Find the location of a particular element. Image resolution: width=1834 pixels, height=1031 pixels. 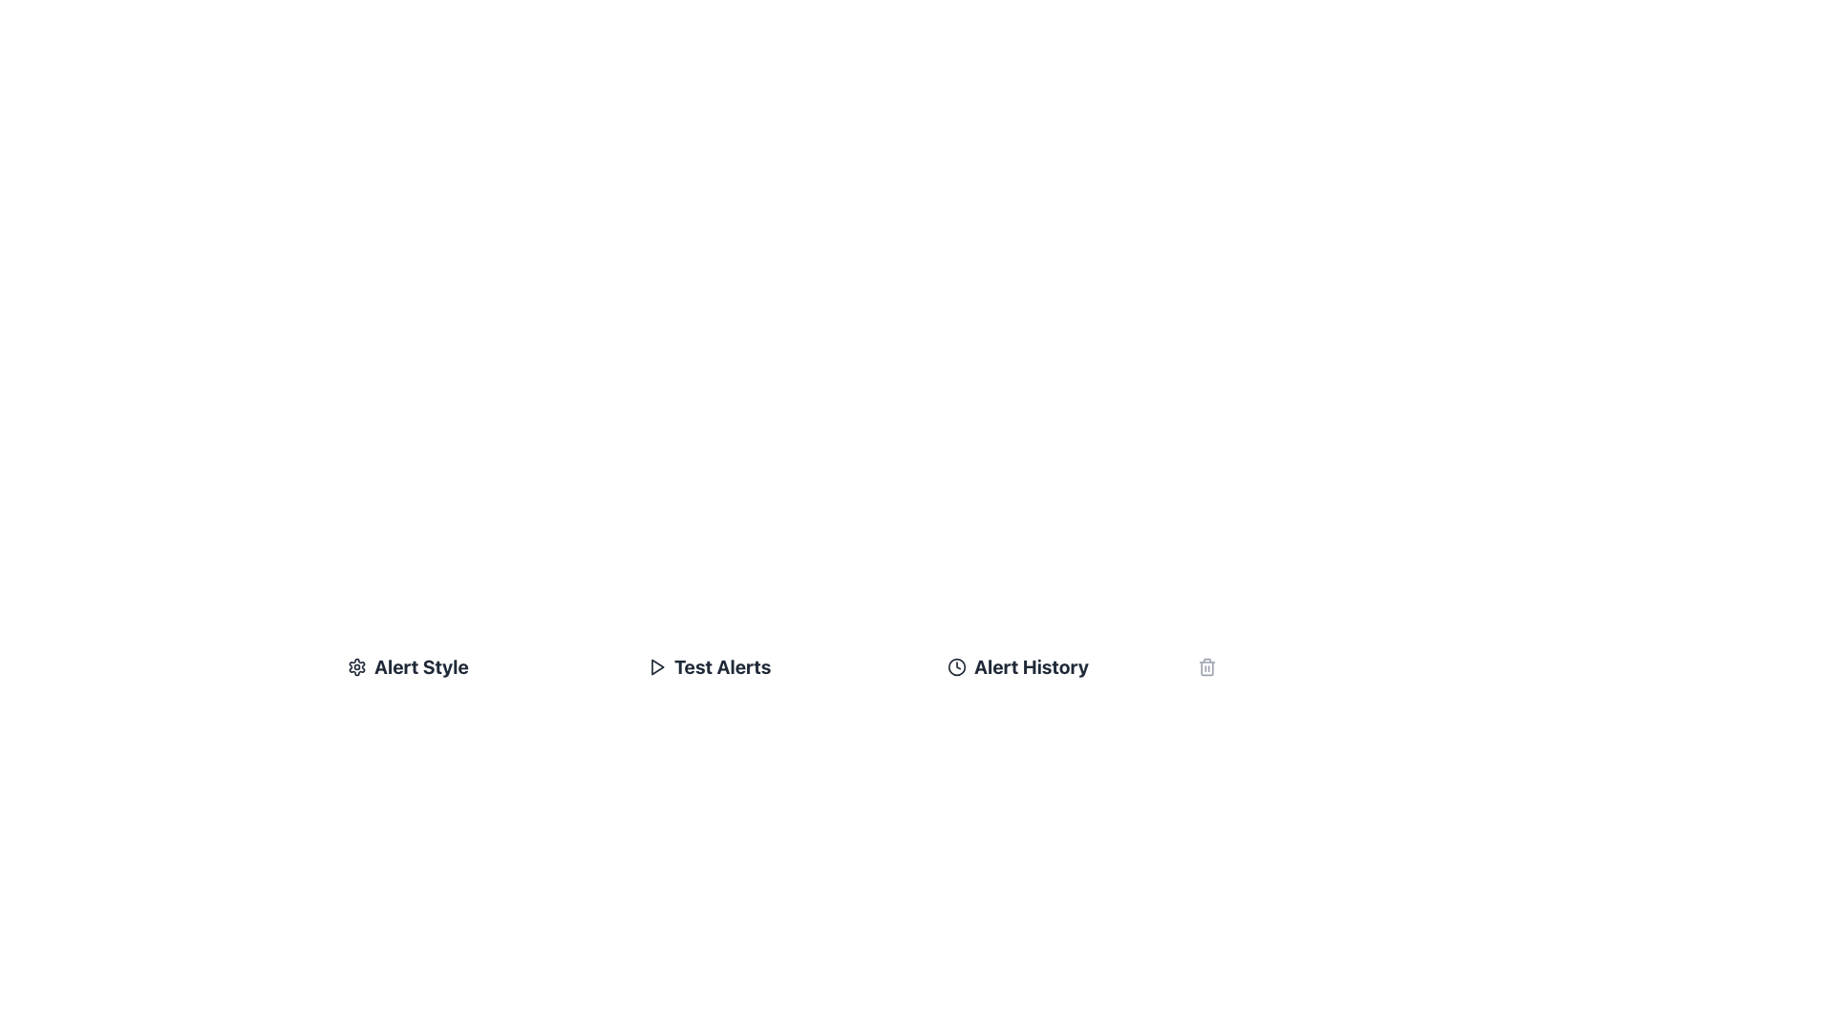

the triangular play-shaped icon embedded within a circular button, located in the center of the interface, slightly above the label 'Test Alerts' is located at coordinates (657, 665).